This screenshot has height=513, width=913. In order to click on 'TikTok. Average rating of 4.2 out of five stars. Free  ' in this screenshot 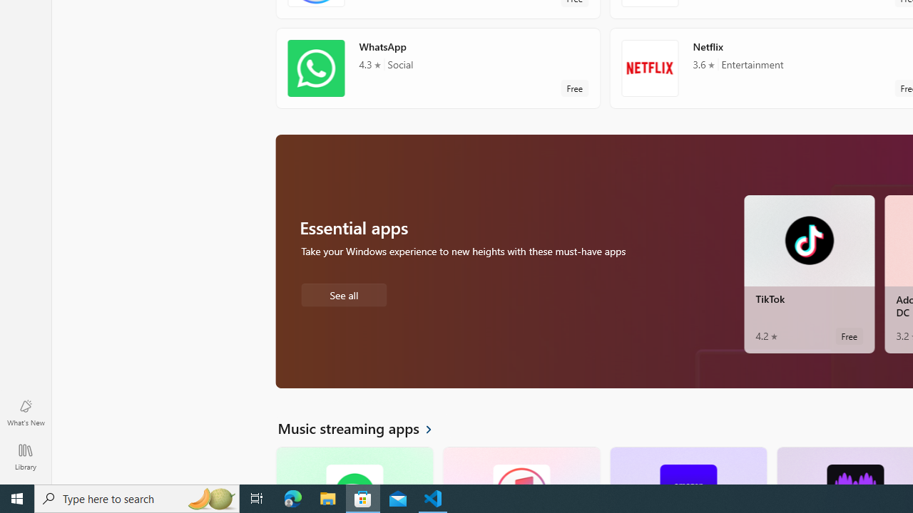, I will do `click(809, 274)`.